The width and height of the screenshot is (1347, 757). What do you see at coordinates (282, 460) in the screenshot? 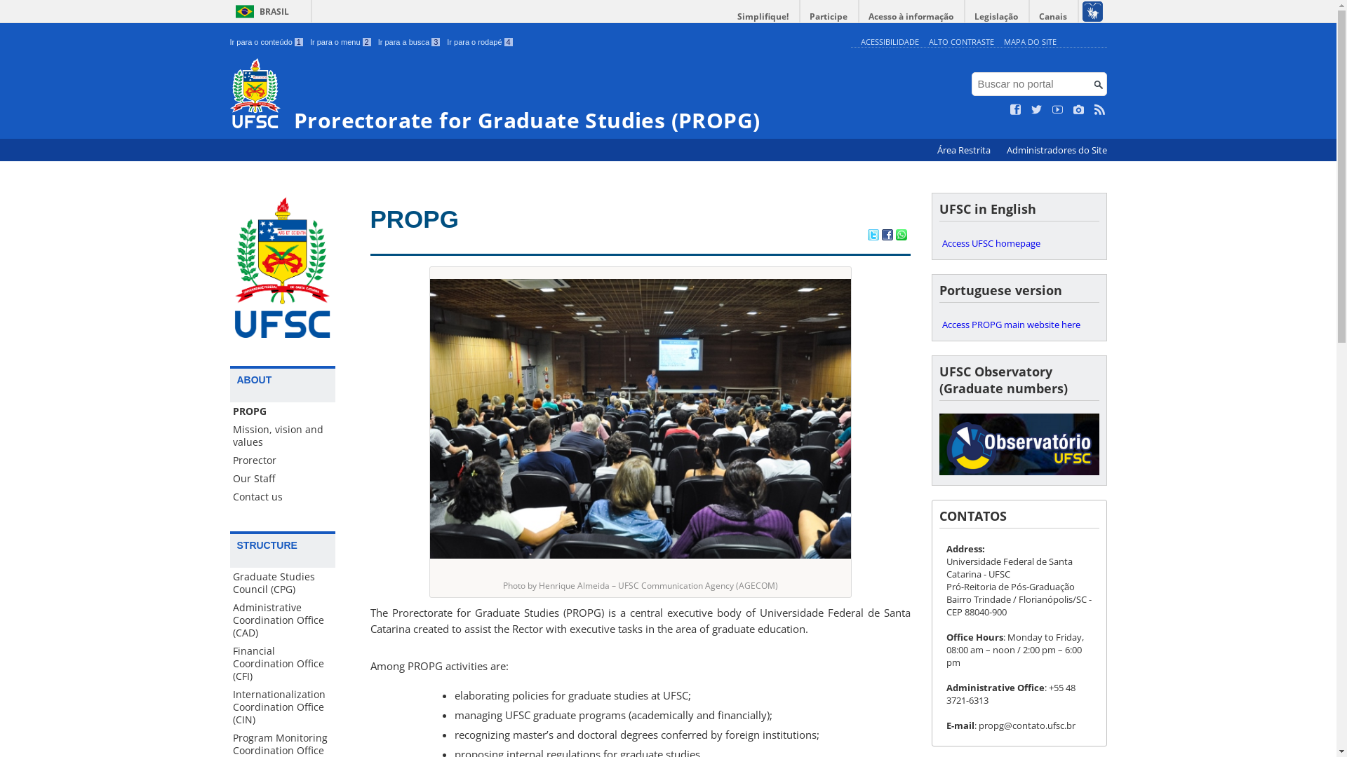
I see `'Prorector'` at bounding box center [282, 460].